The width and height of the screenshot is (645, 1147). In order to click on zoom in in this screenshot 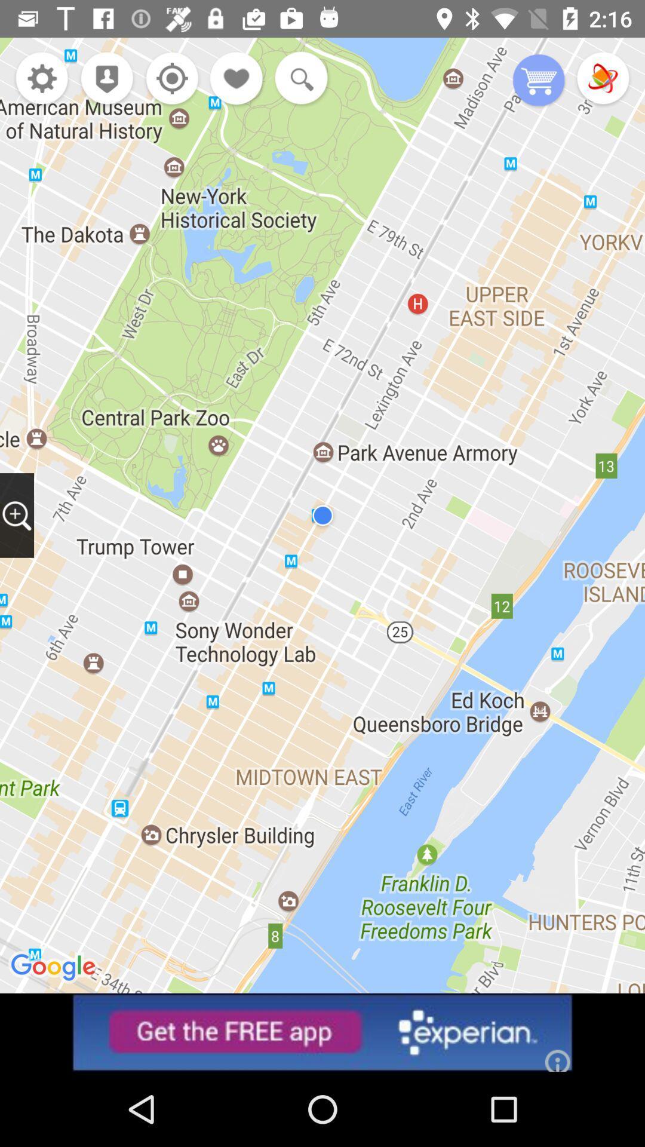, I will do `click(17, 515)`.